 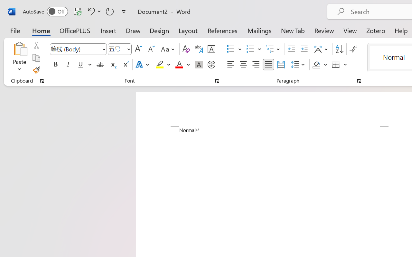 What do you see at coordinates (163, 65) in the screenshot?
I see `'Text Highlight Color'` at bounding box center [163, 65].